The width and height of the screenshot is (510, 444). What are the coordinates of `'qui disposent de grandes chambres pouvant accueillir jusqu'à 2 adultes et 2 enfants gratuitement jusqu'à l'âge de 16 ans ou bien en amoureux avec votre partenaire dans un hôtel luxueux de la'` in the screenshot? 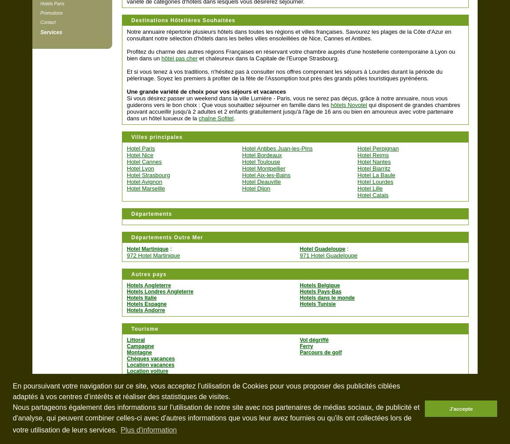 It's located at (293, 111).